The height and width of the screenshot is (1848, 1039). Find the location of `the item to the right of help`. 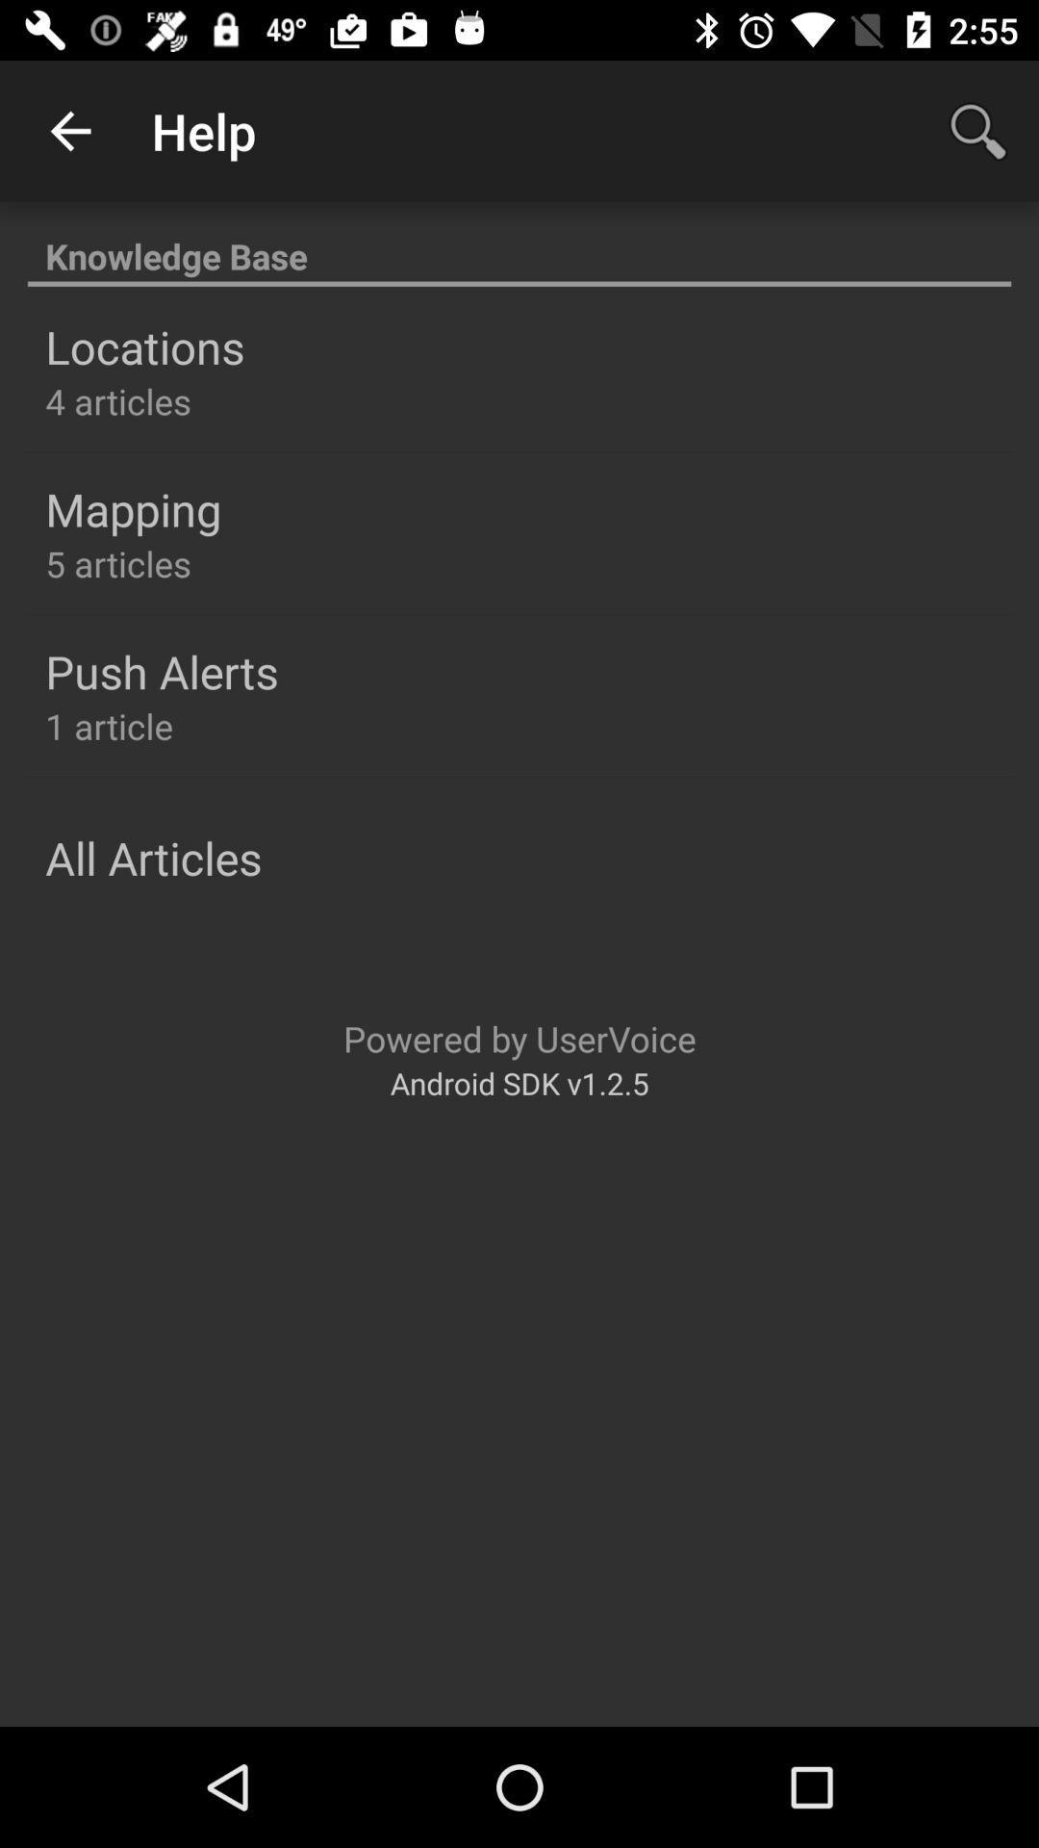

the item to the right of help is located at coordinates (978, 130).